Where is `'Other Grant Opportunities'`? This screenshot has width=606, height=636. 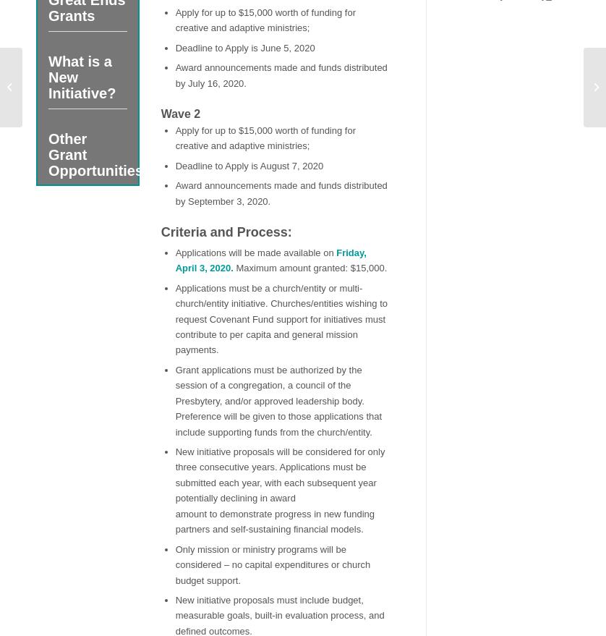 'Other Grant Opportunities' is located at coordinates (95, 153).